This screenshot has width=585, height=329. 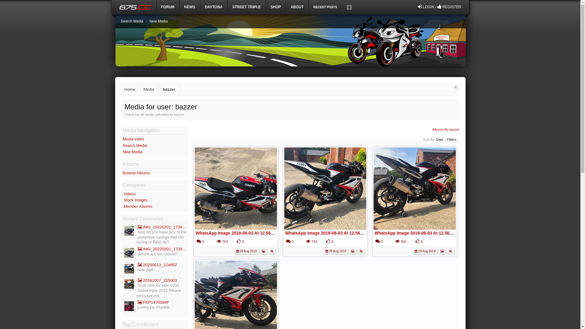 I want to click on 'Browse Albums', so click(x=136, y=173).